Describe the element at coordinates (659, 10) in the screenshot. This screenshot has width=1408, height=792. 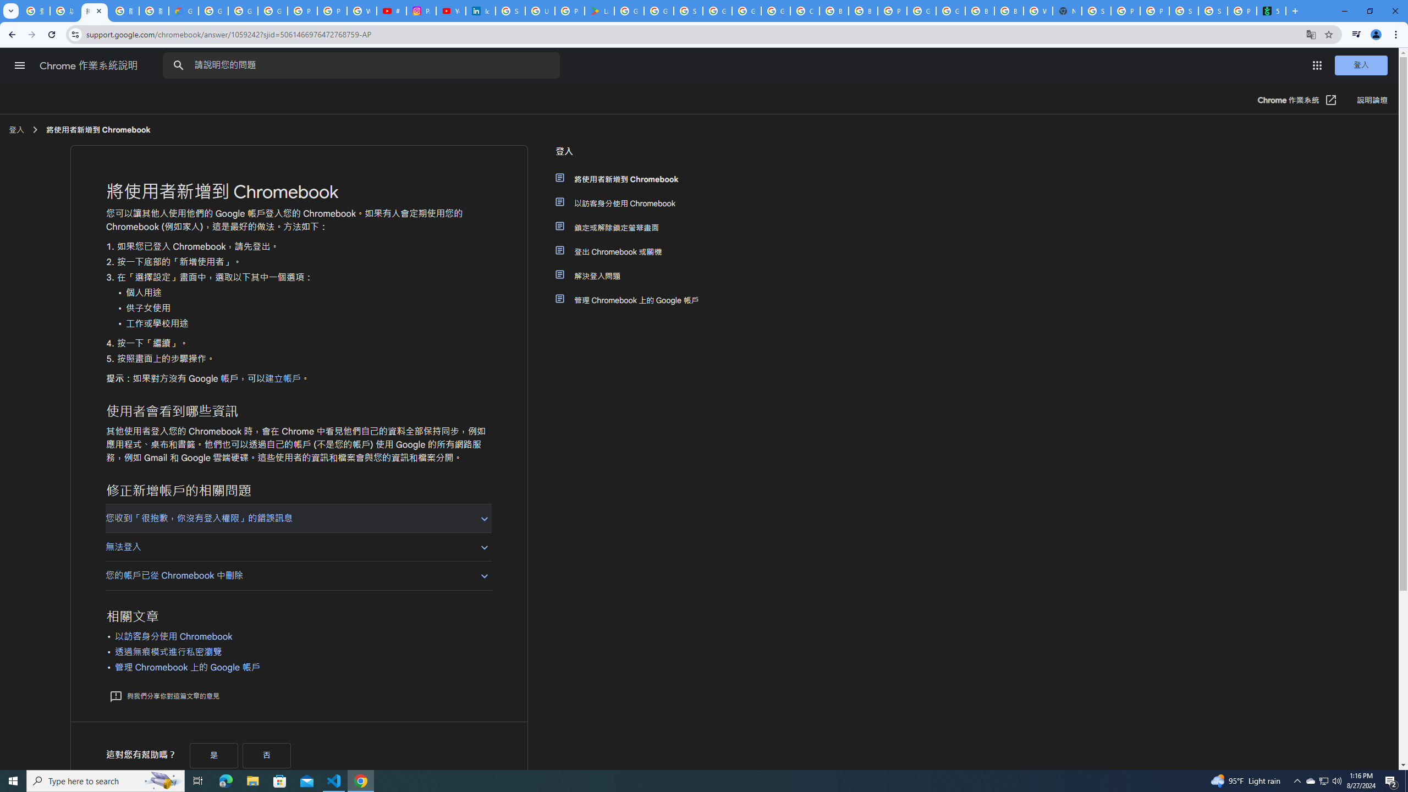
I see `'Google Workspace - Specific Terms'` at that location.